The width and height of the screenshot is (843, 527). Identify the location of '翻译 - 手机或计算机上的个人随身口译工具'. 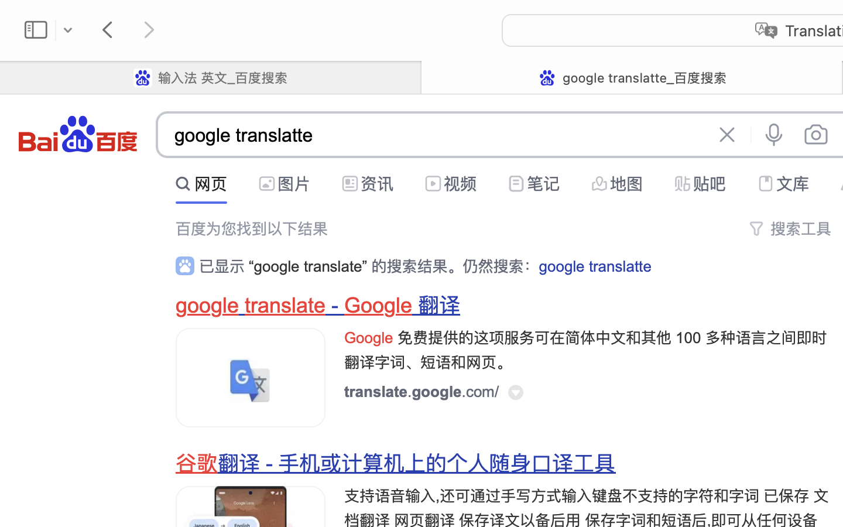
(416, 464).